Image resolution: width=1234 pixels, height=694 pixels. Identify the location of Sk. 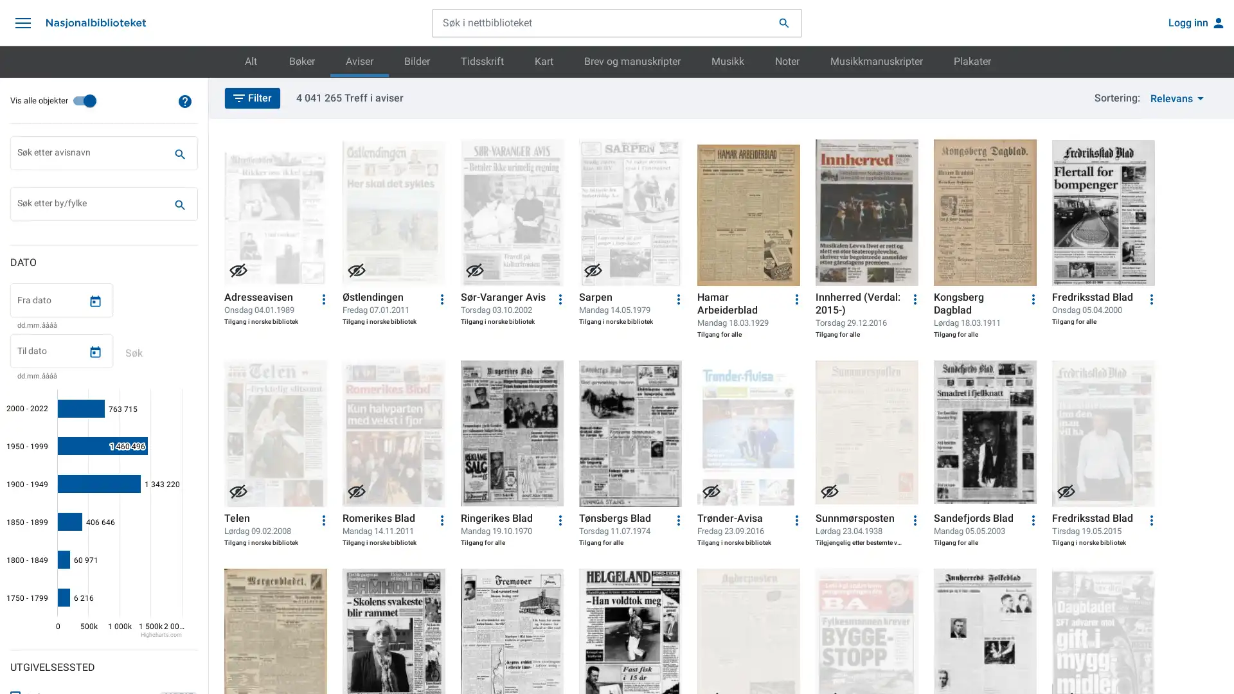
(179, 153).